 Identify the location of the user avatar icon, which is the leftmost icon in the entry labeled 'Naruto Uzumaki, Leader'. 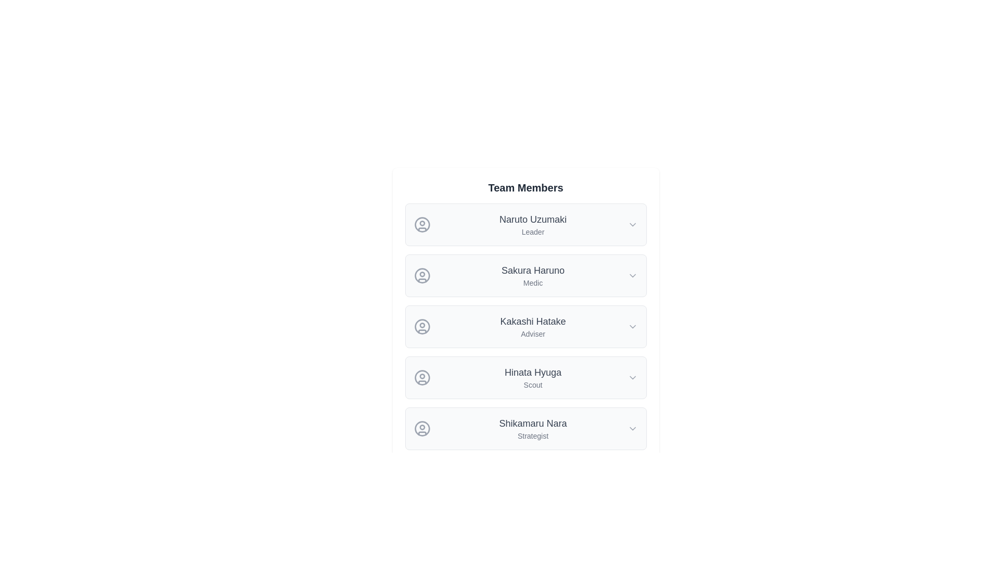
(422, 224).